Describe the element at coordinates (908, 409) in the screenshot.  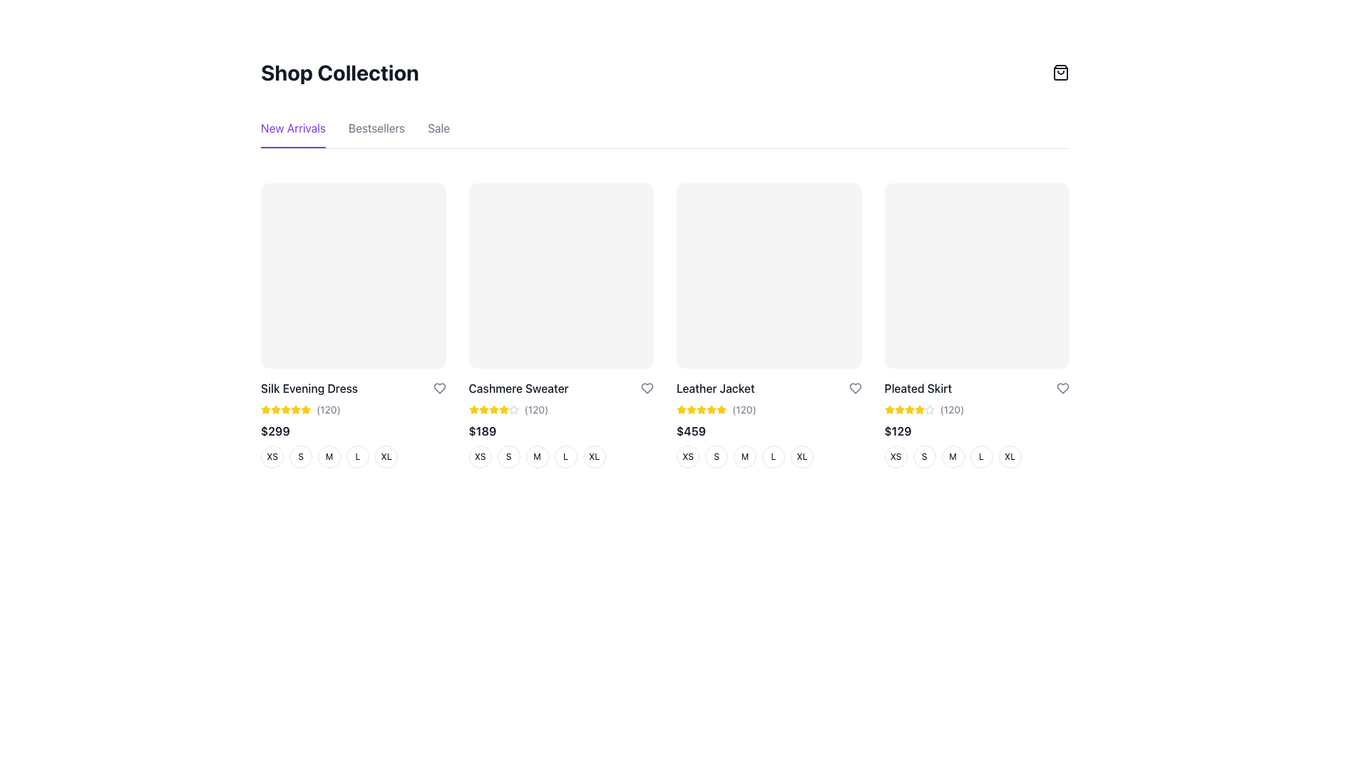
I see `the fourth star icon in the five-star rating system located below the 'Pleated Skirt' product card to interact with the rating` at that location.